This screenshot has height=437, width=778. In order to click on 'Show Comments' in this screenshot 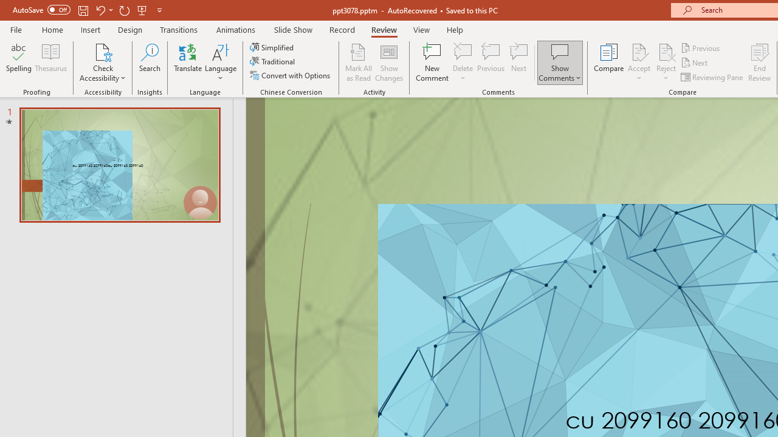, I will do `click(559, 63)`.